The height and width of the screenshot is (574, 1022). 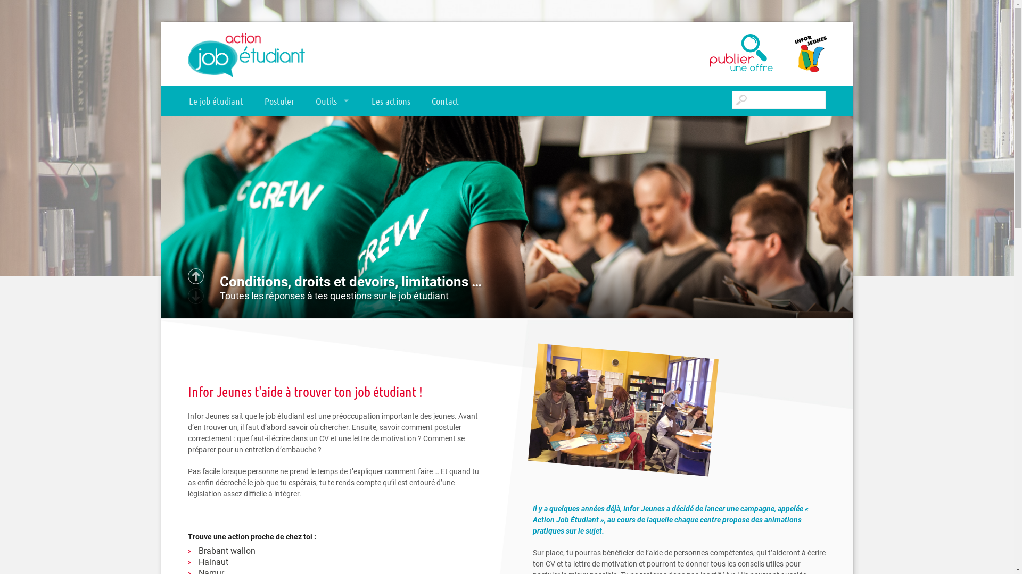 What do you see at coordinates (444, 102) in the screenshot?
I see `'Contact'` at bounding box center [444, 102].